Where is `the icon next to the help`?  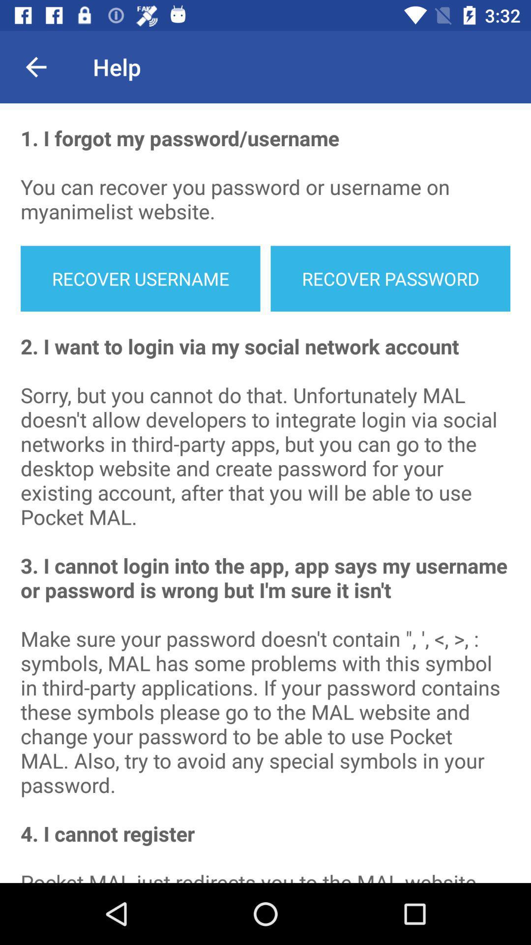
the icon next to the help is located at coordinates (35, 66).